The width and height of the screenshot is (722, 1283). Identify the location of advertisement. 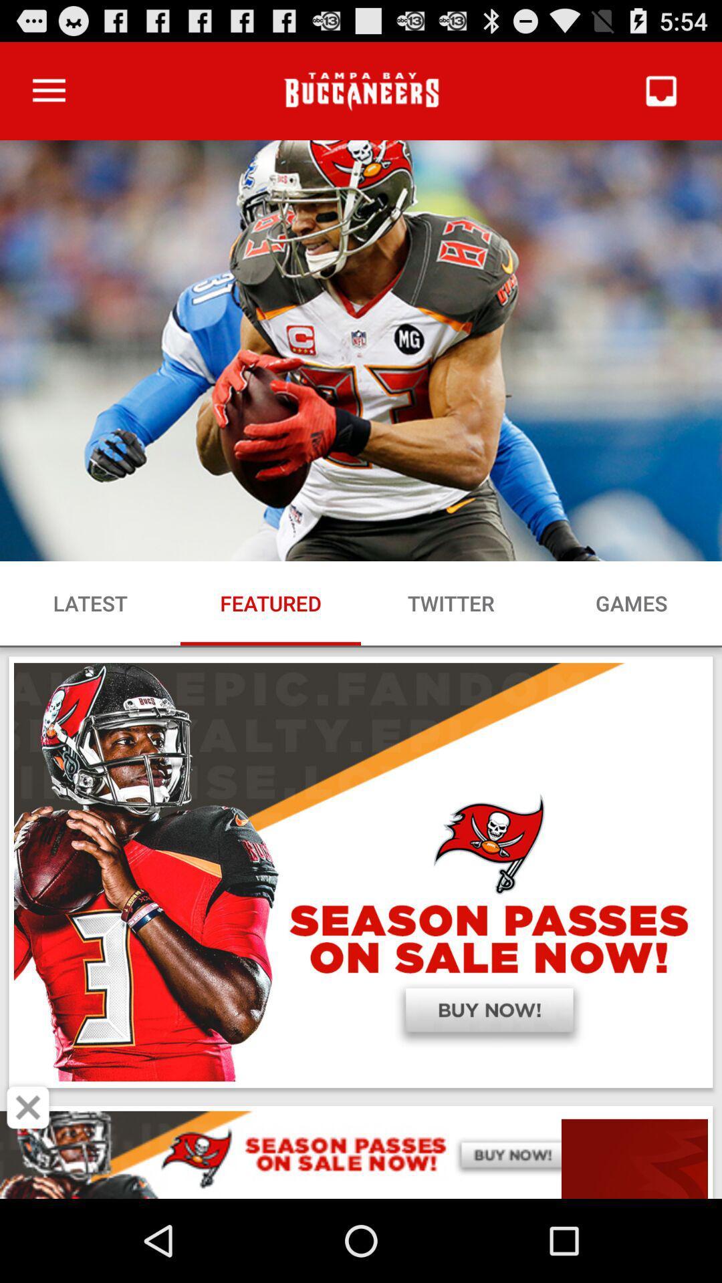
(361, 1154).